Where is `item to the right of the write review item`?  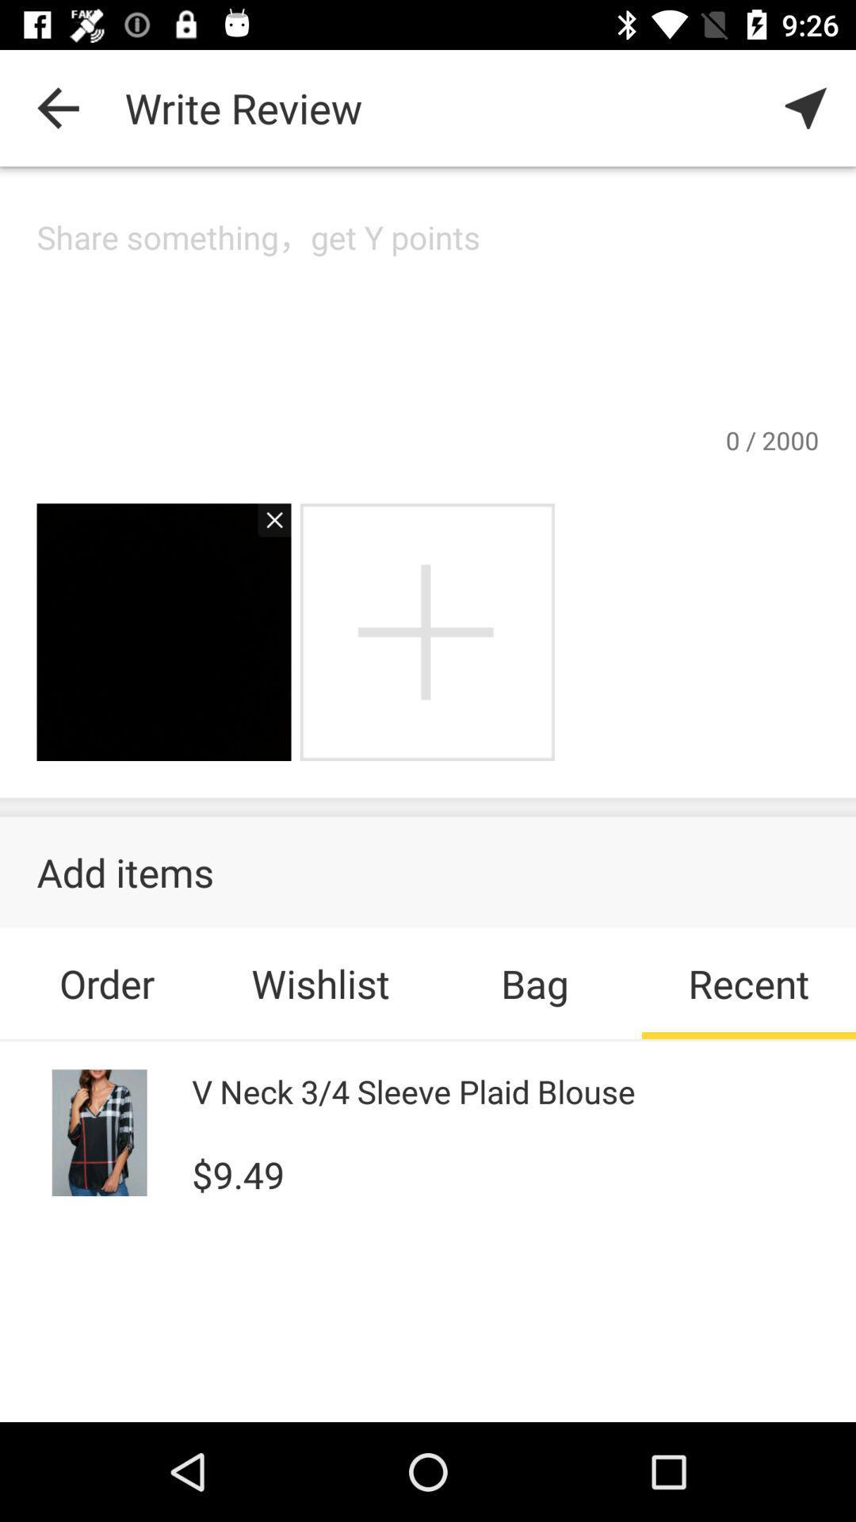
item to the right of the write review item is located at coordinates (806, 107).